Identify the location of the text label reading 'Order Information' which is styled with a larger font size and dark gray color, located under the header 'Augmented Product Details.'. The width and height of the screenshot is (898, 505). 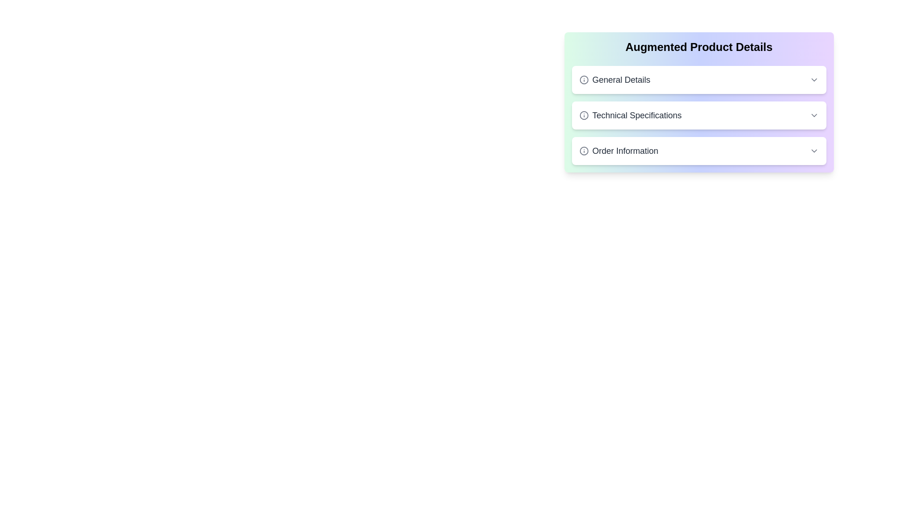
(619, 151).